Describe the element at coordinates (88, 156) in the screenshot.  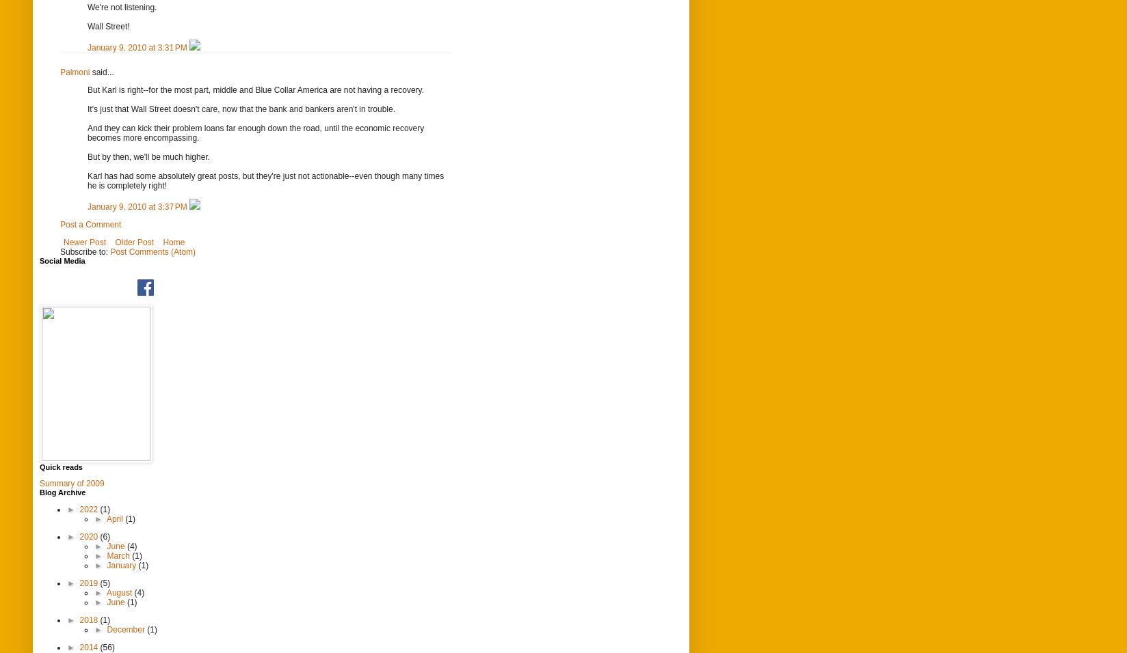
I see `'But by then, we'll be much higher.'` at that location.